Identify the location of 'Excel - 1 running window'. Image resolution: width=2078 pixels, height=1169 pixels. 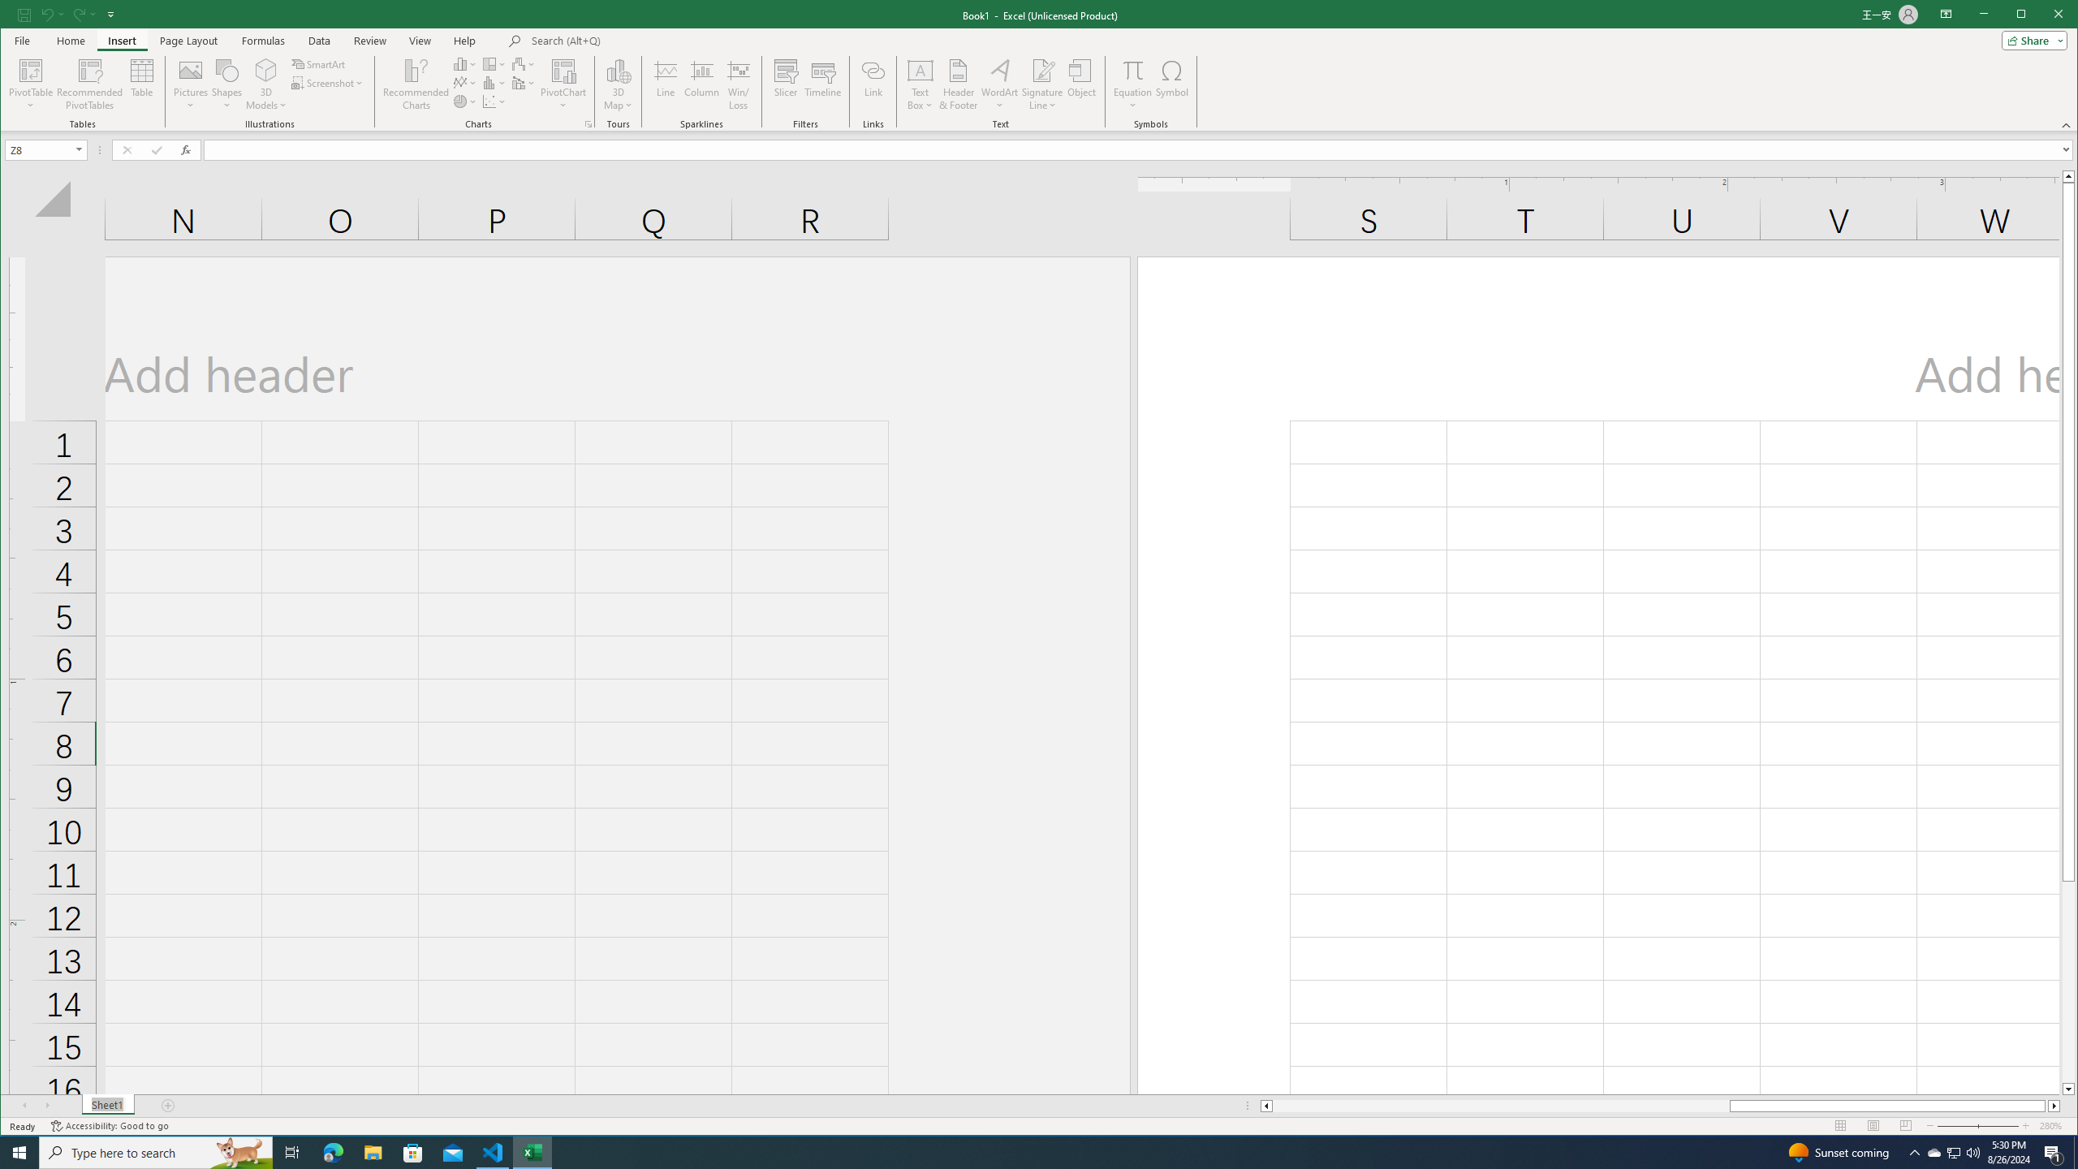
(532, 1151).